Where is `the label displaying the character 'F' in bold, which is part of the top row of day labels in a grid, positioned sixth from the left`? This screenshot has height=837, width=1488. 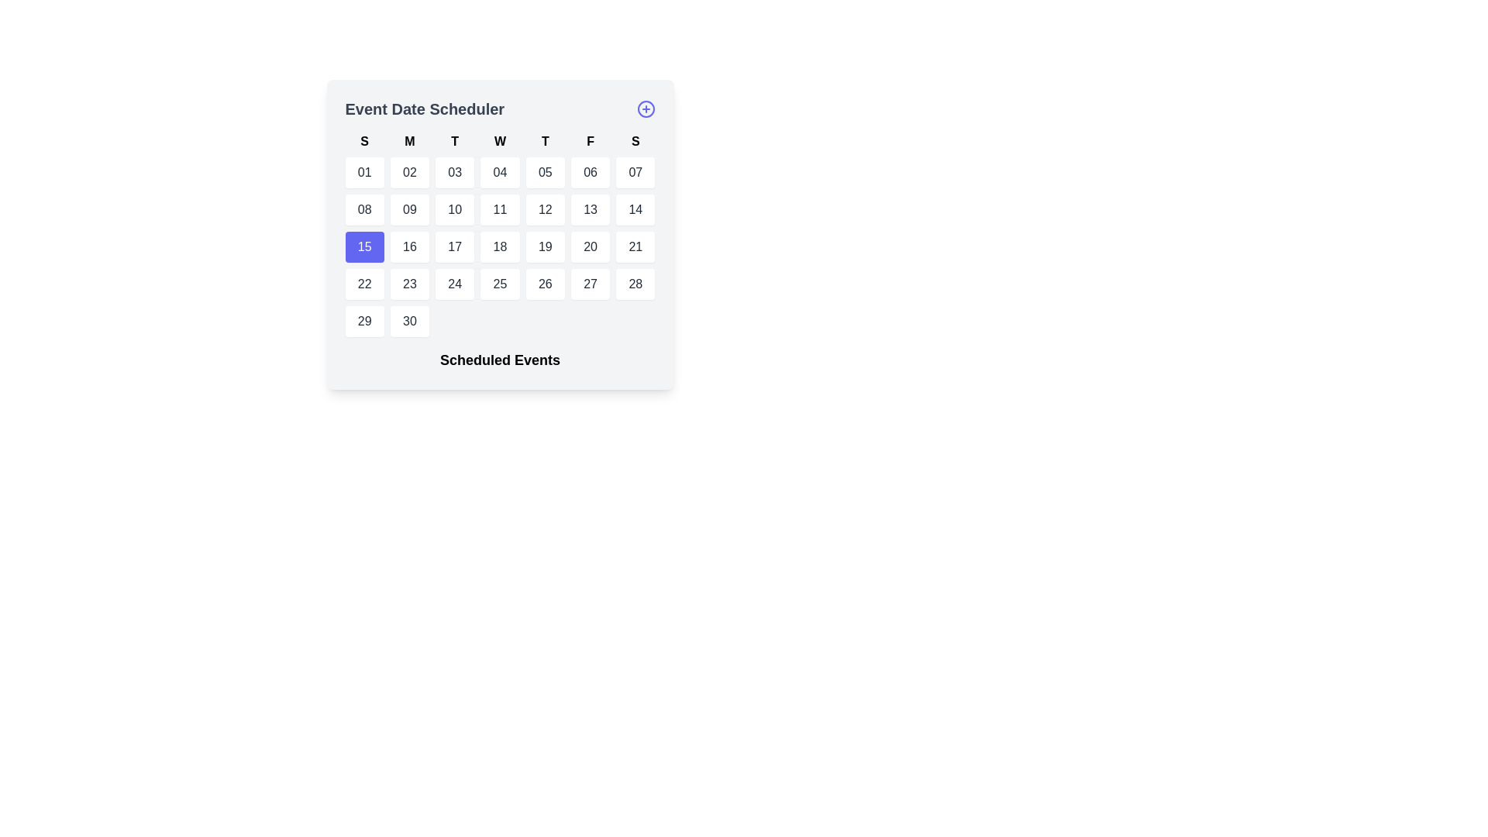 the label displaying the character 'F' in bold, which is part of the top row of day labels in a grid, positioned sixth from the left is located at coordinates (590, 141).